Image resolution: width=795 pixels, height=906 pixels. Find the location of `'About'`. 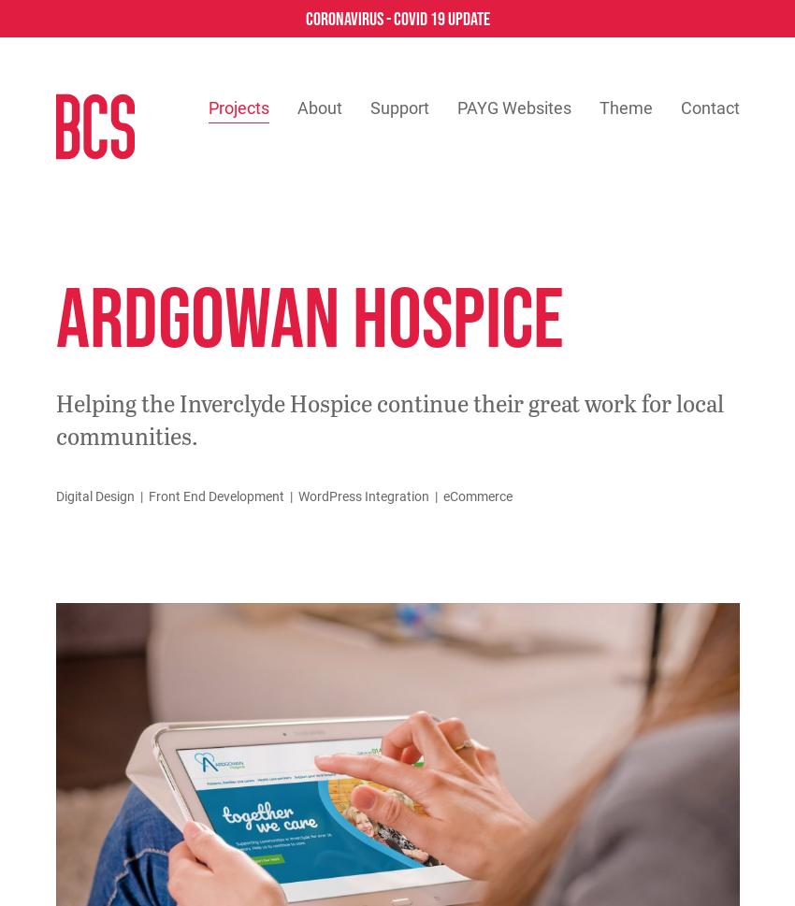

'About' is located at coordinates (318, 108).